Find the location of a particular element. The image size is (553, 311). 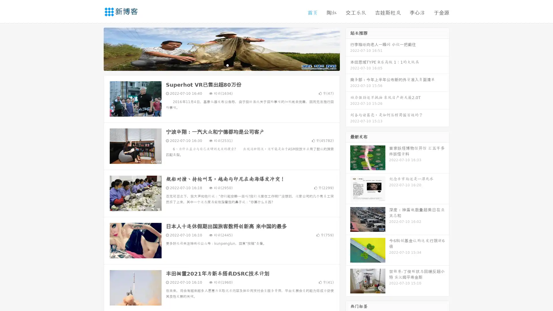

Next slide is located at coordinates (348, 48).